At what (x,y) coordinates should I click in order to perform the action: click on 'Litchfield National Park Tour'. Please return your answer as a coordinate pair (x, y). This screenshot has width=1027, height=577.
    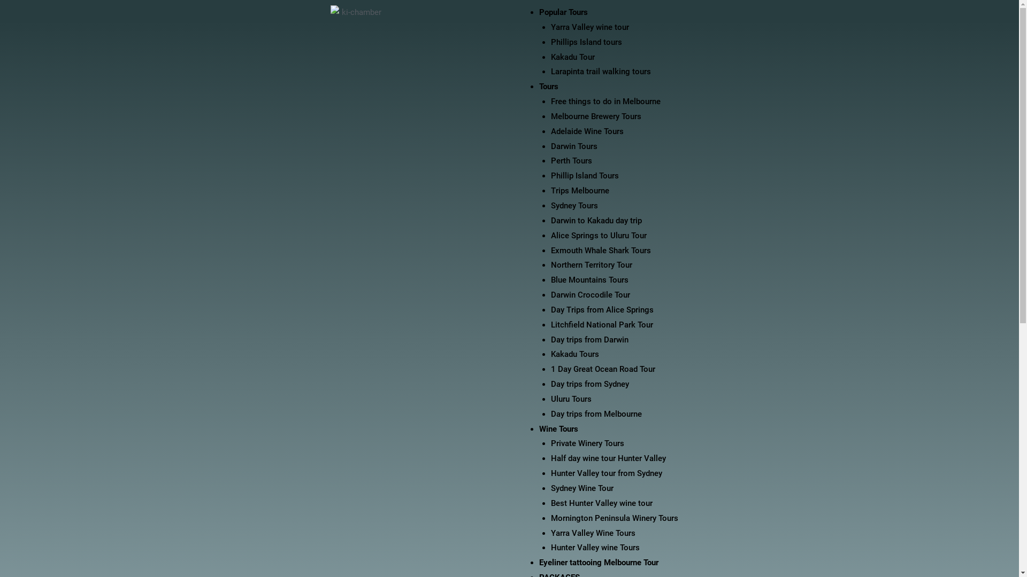
    Looking at the image, I should click on (602, 324).